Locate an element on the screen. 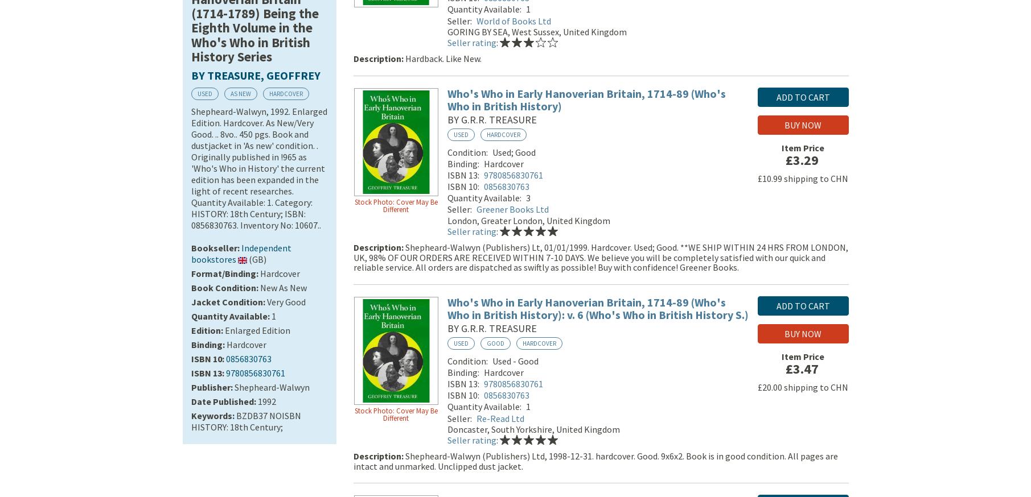 This screenshot has height=497, width=1031. 'Publisher' is located at coordinates (210, 390).